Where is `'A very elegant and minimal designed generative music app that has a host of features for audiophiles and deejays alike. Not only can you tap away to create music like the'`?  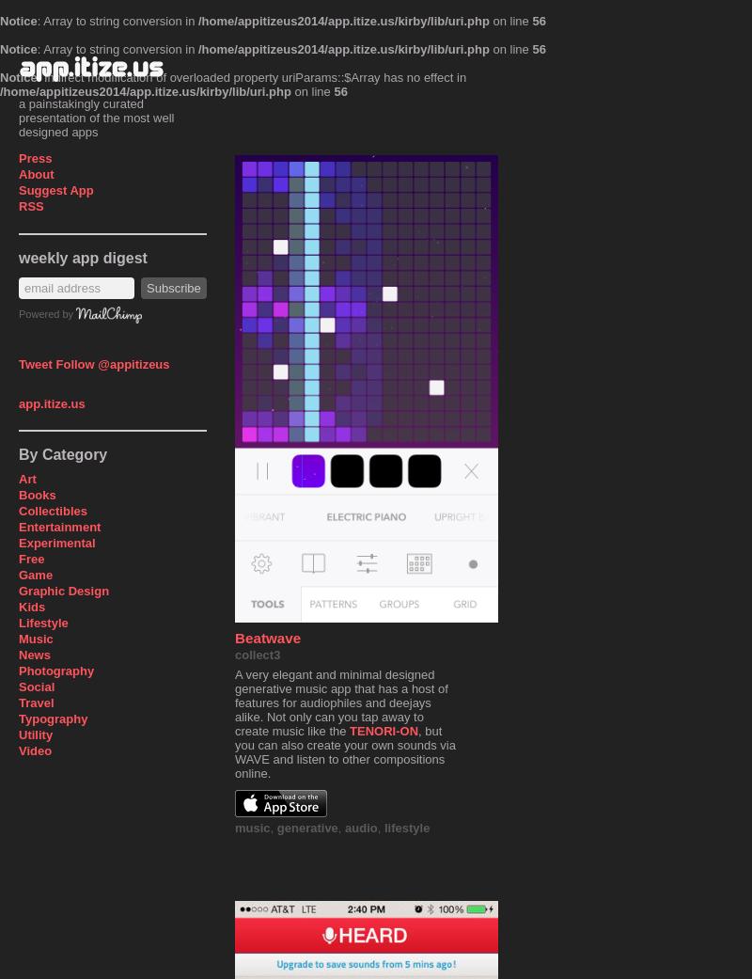
'A very elegant and minimal designed generative music app that has a host of features for audiophiles and deejays alike. Not only can you tap away to create music like the' is located at coordinates (340, 703).